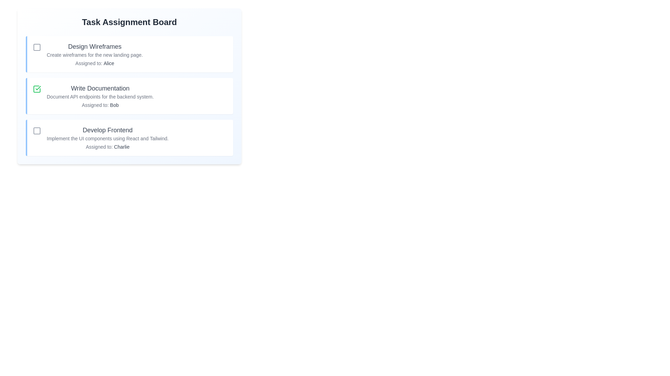  Describe the element at coordinates (129, 86) in the screenshot. I see `the informational card located below the 'Design Wireframes' card and above the 'Develop Frontend' card in the 'Task Assignment Board' to highlight its content` at that location.